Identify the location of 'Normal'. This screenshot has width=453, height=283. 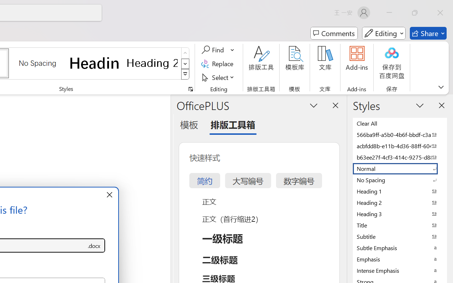
(400, 168).